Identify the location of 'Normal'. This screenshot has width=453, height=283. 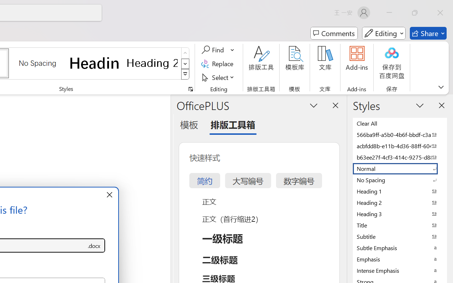
(400, 168).